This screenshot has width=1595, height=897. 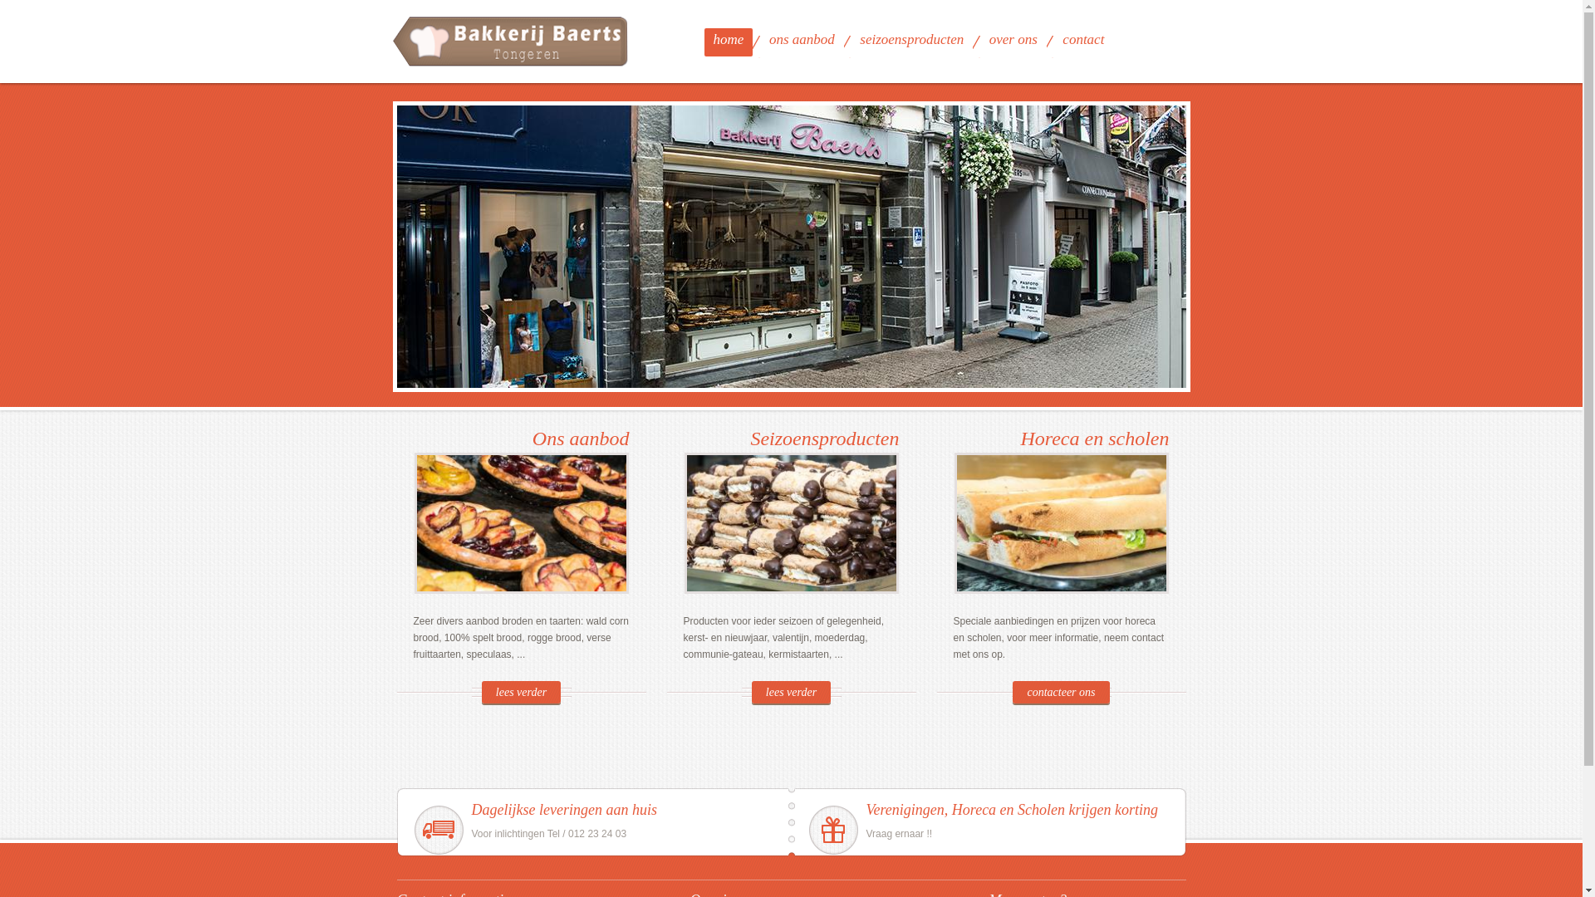 I want to click on 'contacteer ons', so click(x=1059, y=692).